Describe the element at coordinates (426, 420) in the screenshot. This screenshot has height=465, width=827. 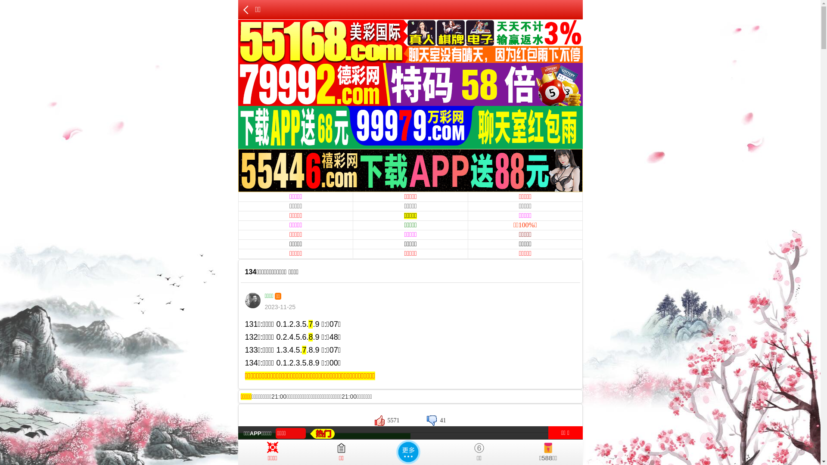
I see `'41'` at that location.